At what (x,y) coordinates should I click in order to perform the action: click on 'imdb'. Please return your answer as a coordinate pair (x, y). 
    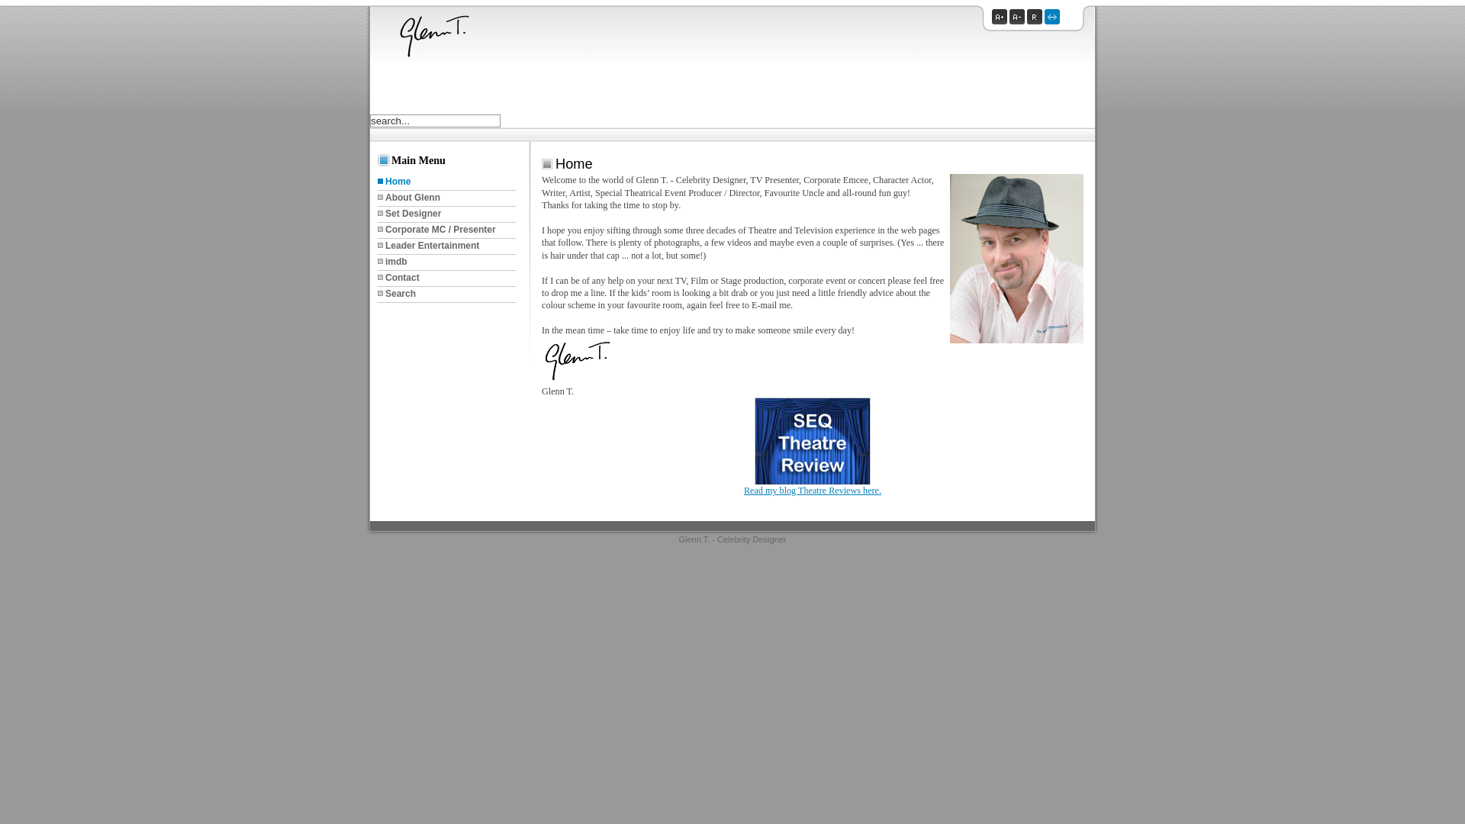
    Looking at the image, I should click on (446, 262).